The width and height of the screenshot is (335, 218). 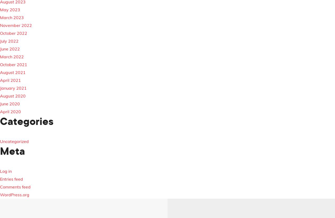 I want to click on 'WordPress.org', so click(x=14, y=195).